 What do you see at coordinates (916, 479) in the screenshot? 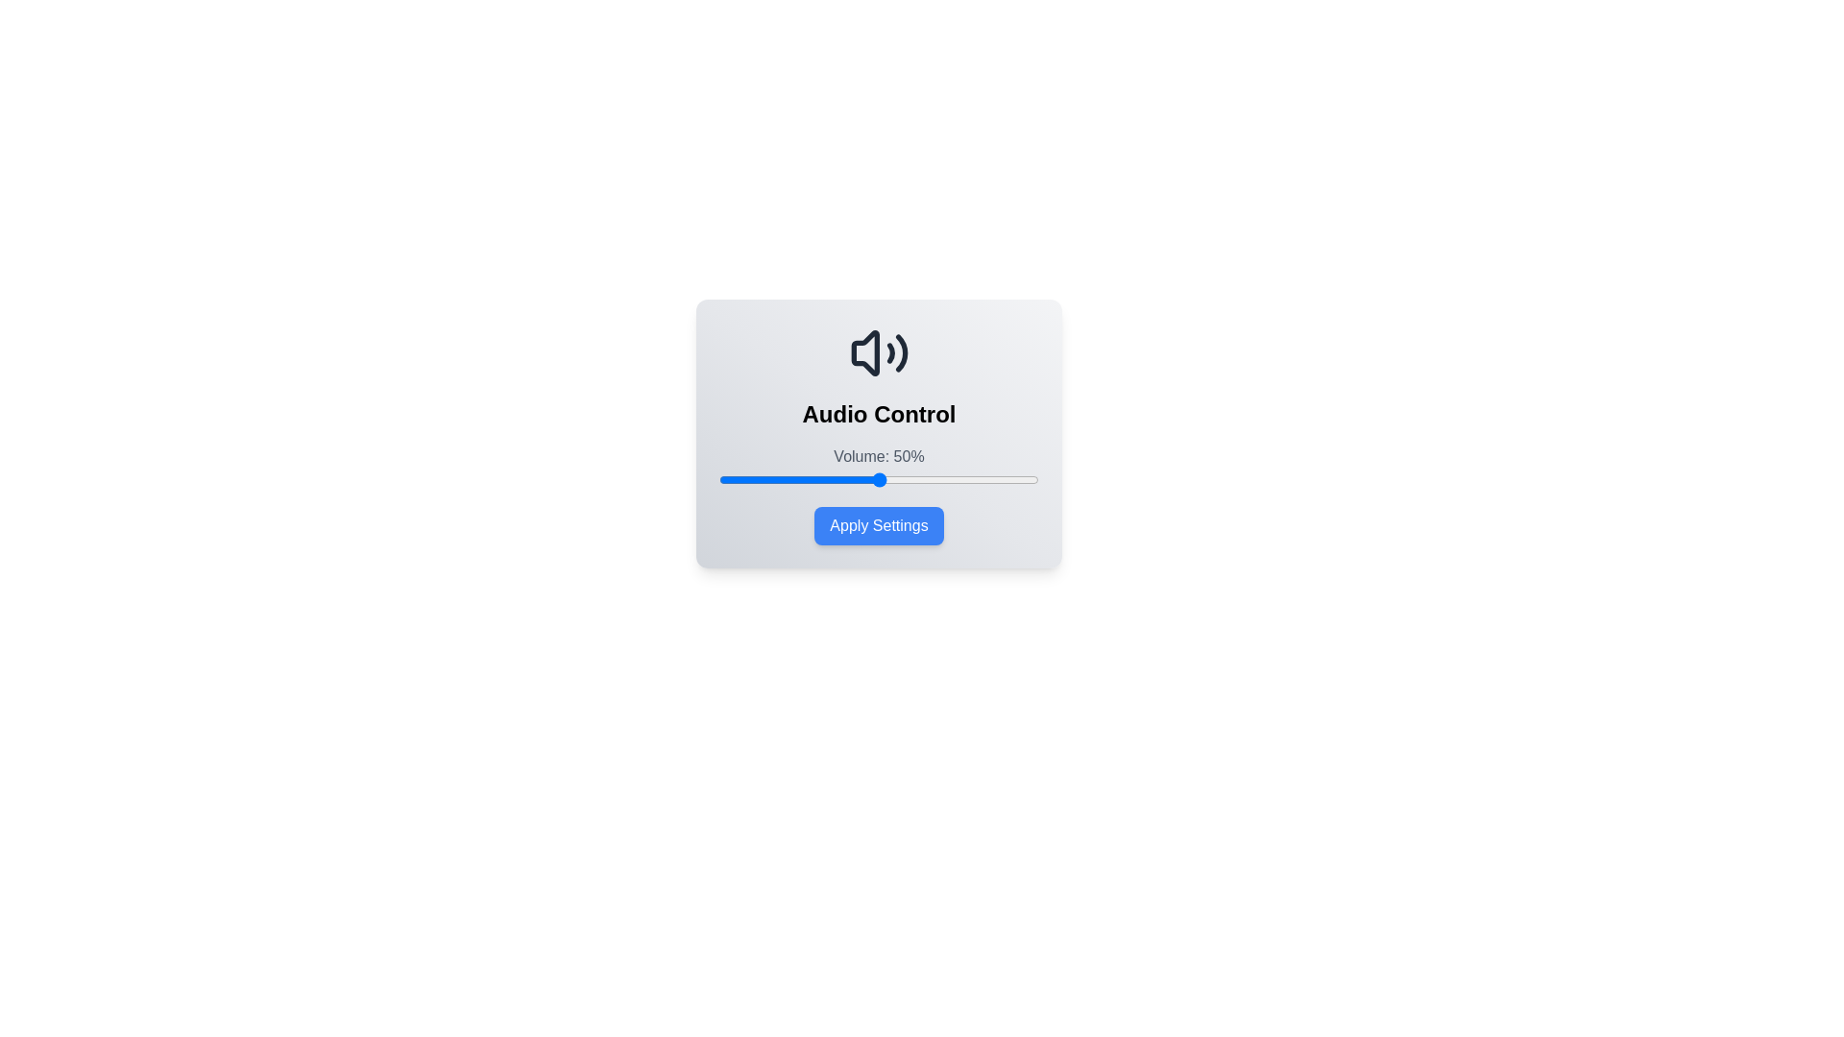
I see `the slider` at bounding box center [916, 479].